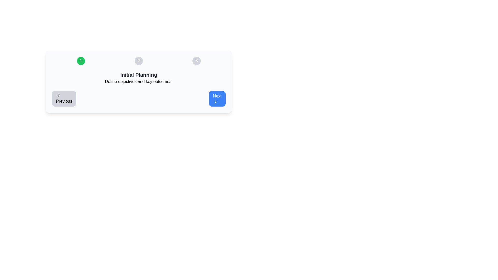  What do you see at coordinates (139, 61) in the screenshot?
I see `the status of the Step indicator circle labeled '2', which is the second in a sequence of three circles, visually centered with a gray background and white text` at bounding box center [139, 61].